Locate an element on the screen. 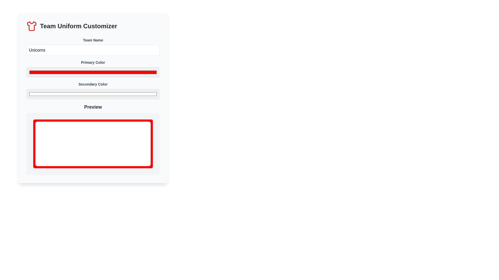 This screenshot has width=499, height=280. the shirt icon in the 'Team Uniform Customizer' section header to initiate an action is located at coordinates (93, 26).